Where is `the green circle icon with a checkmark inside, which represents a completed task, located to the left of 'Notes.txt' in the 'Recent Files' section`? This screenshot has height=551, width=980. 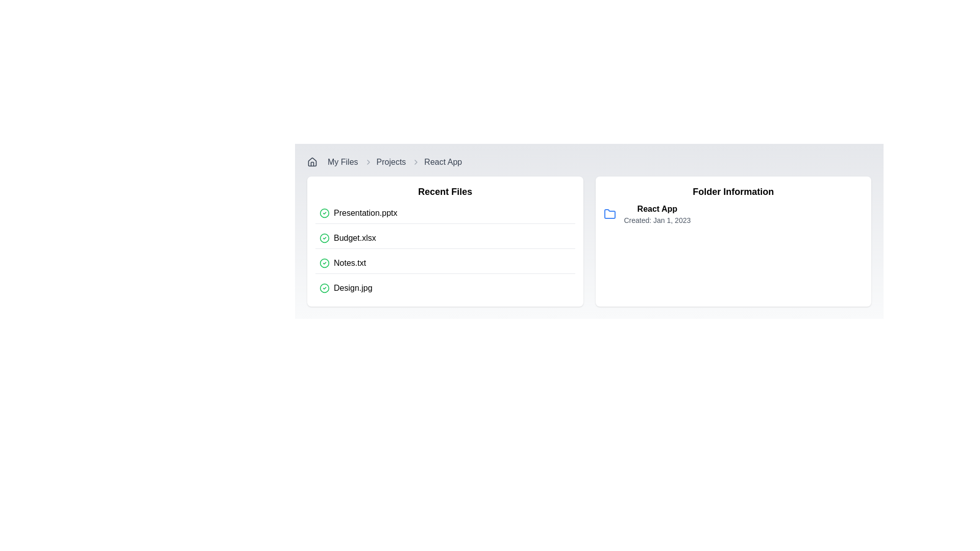 the green circle icon with a checkmark inside, which represents a completed task, located to the left of 'Notes.txt' in the 'Recent Files' section is located at coordinates (324, 263).